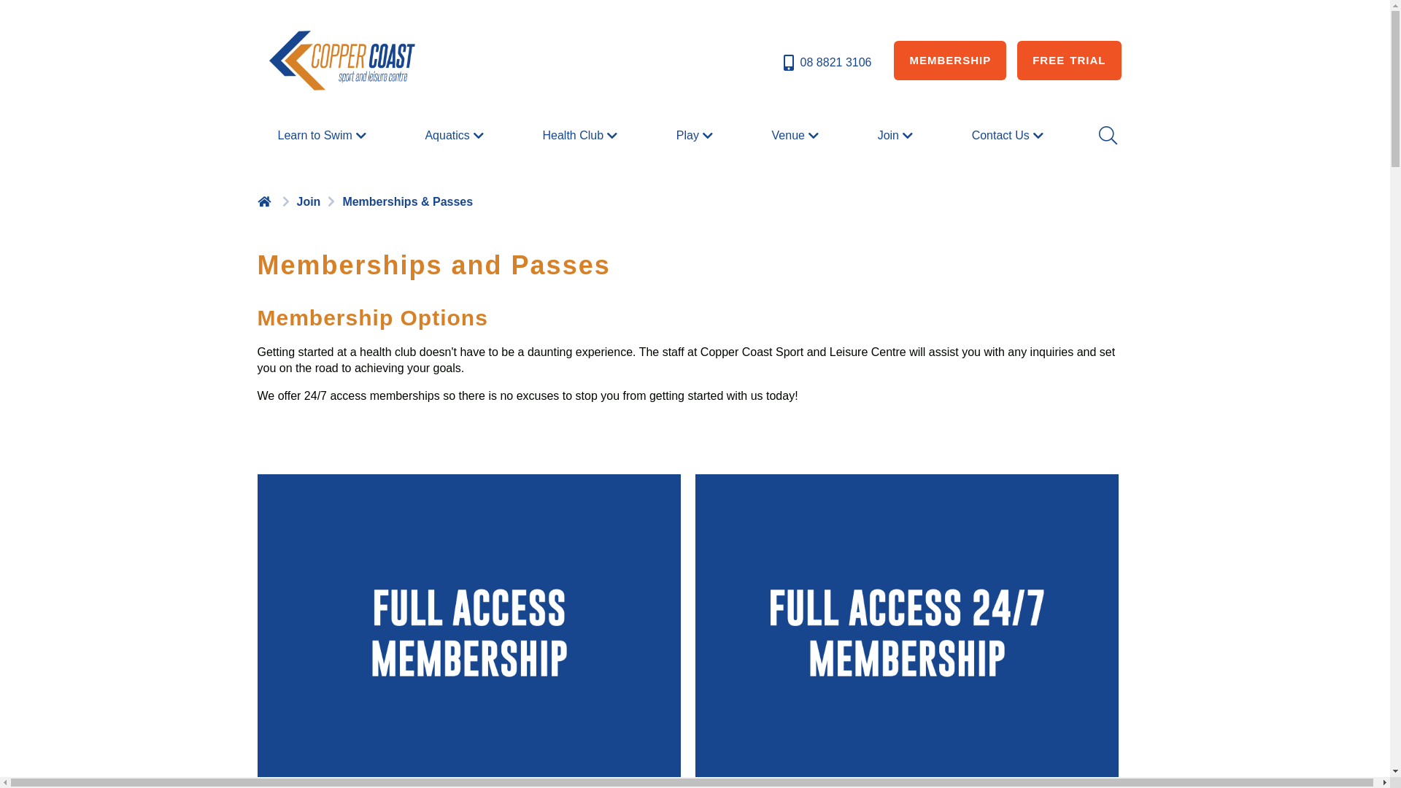 This screenshot has height=788, width=1401. What do you see at coordinates (966, 135) in the screenshot?
I see `'Contact Us'` at bounding box center [966, 135].